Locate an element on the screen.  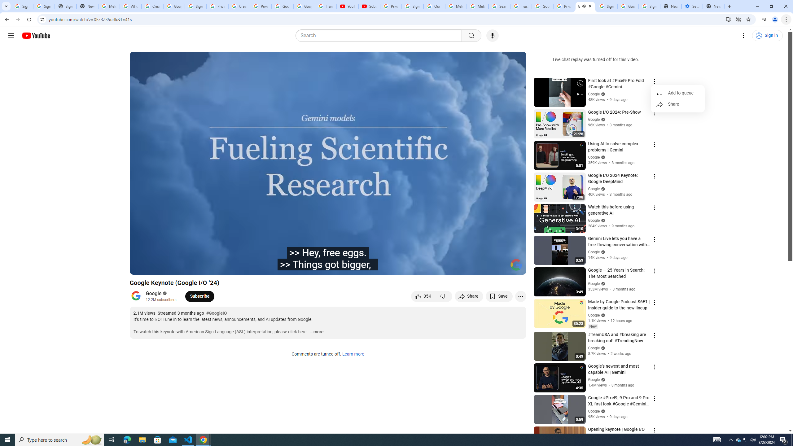
'Create your Google Account' is located at coordinates (239, 6).